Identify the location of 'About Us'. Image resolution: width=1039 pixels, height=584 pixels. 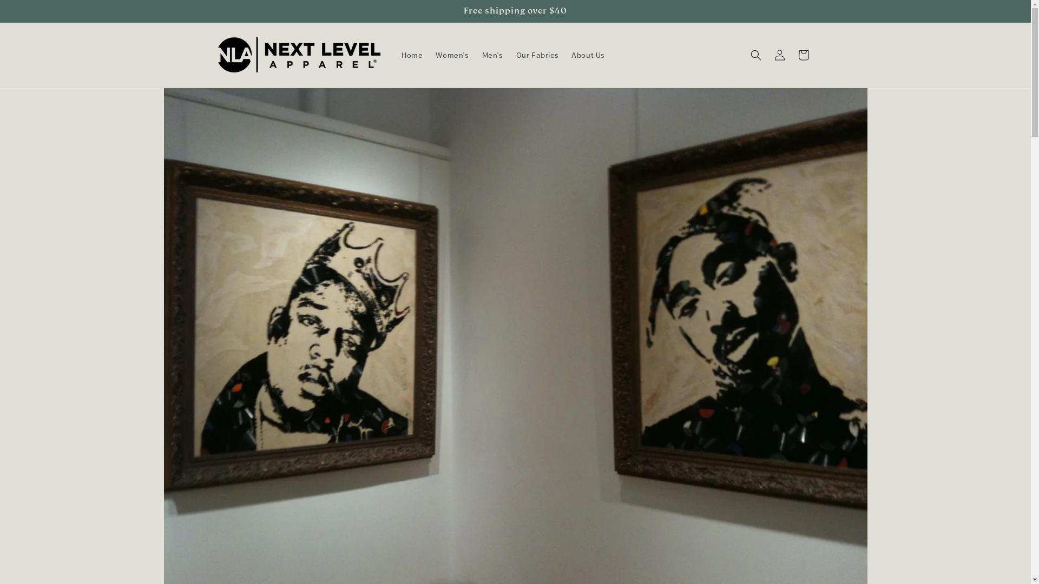
(587, 55).